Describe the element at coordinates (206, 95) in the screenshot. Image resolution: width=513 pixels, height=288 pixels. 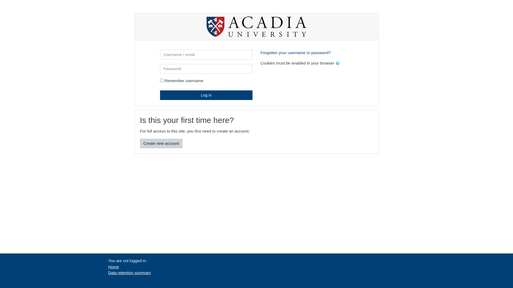
I see `'Log in'` at that location.